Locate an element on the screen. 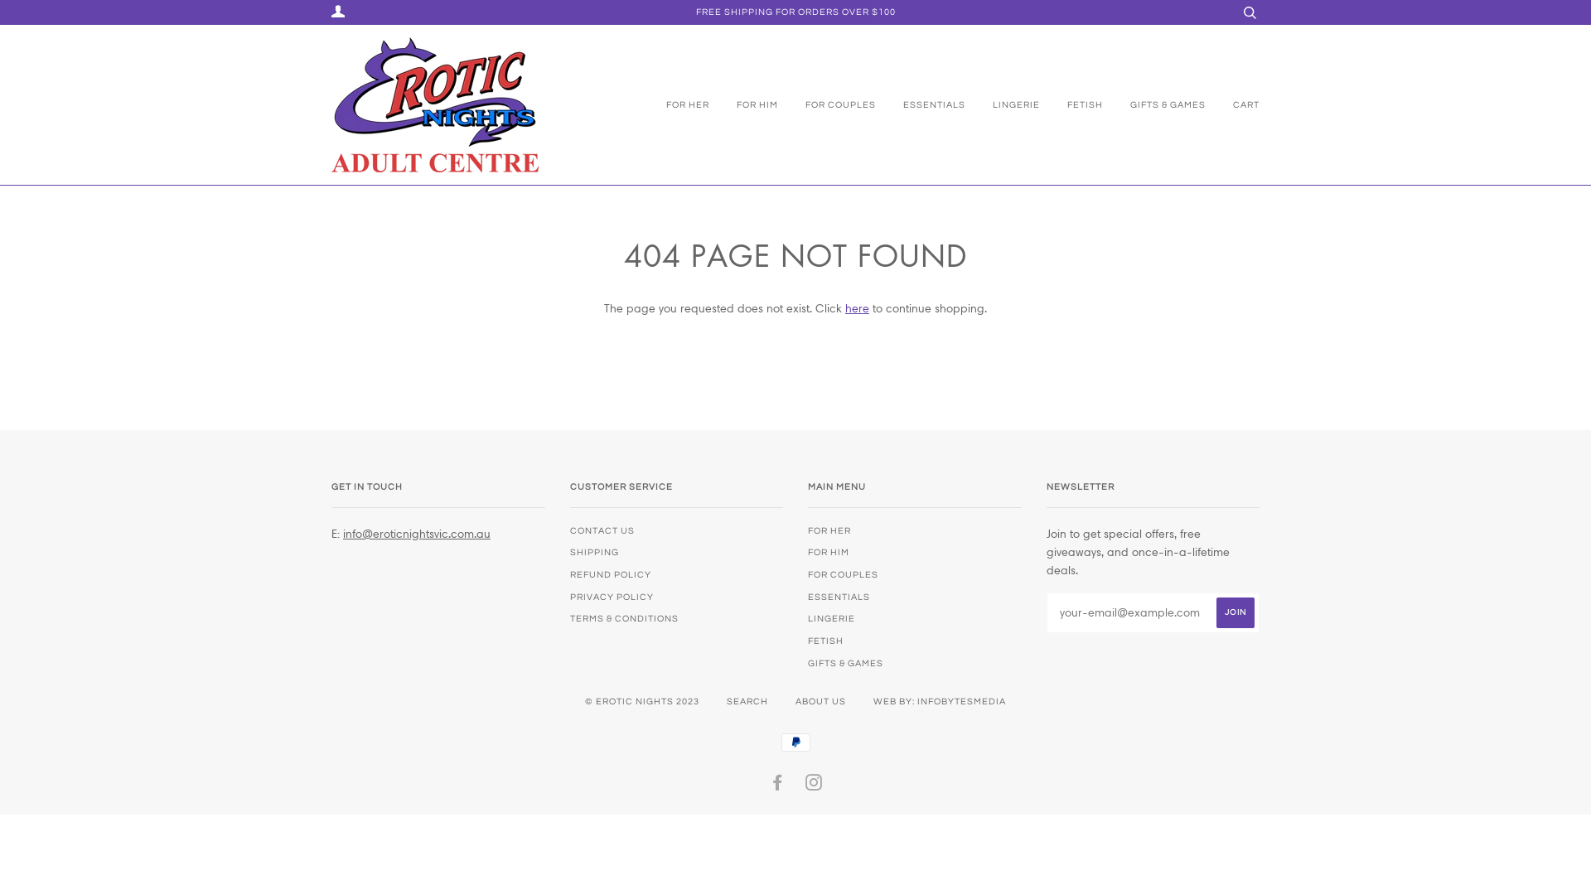 This screenshot has width=1591, height=895. 'FOR COUPLES' is located at coordinates (779, 105).